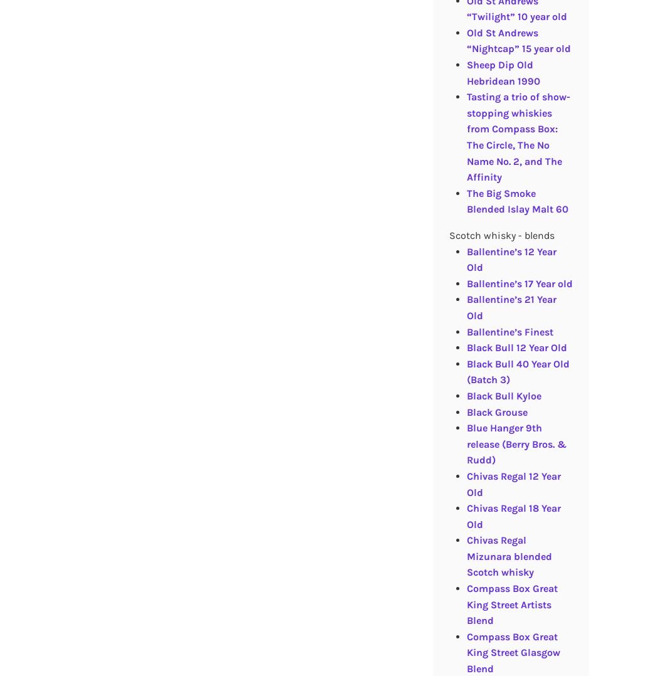 The image size is (658, 676). What do you see at coordinates (510, 306) in the screenshot?
I see `'Ballentine’s 21 Year Old'` at bounding box center [510, 306].